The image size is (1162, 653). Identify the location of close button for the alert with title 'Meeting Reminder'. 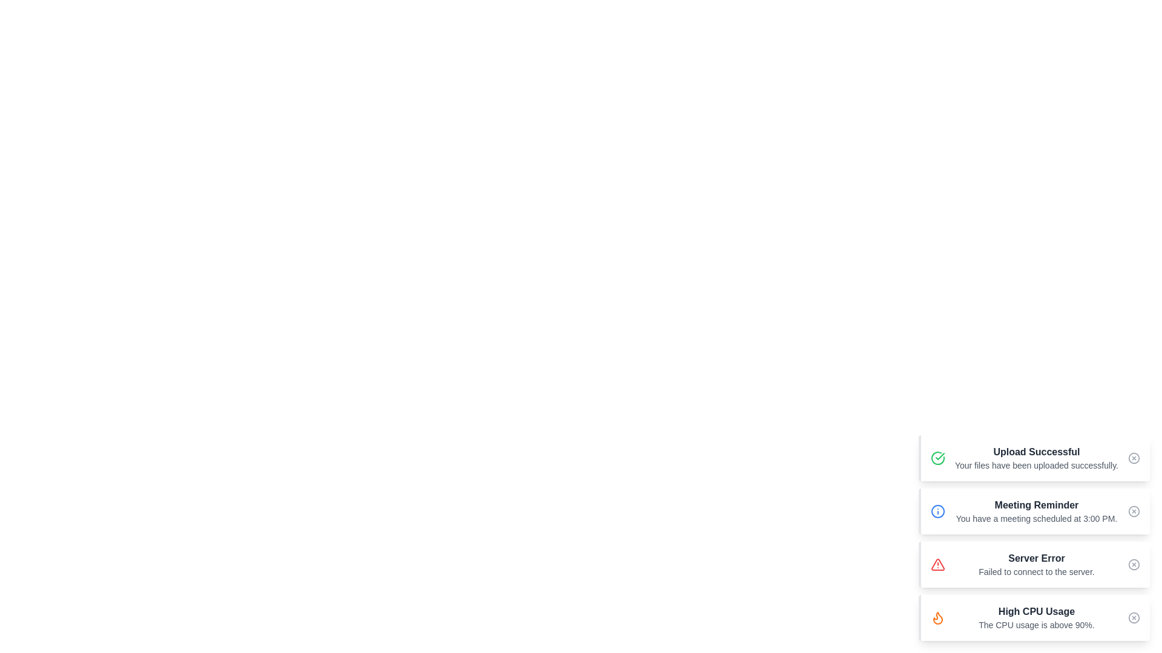
(1133, 511).